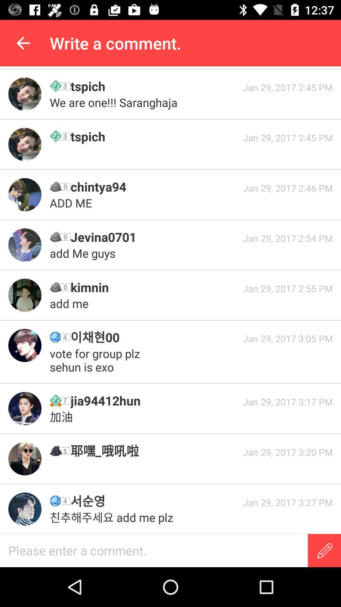 This screenshot has width=341, height=607. What do you see at coordinates (96, 360) in the screenshot?
I see `the item next to jan 29 2017` at bounding box center [96, 360].